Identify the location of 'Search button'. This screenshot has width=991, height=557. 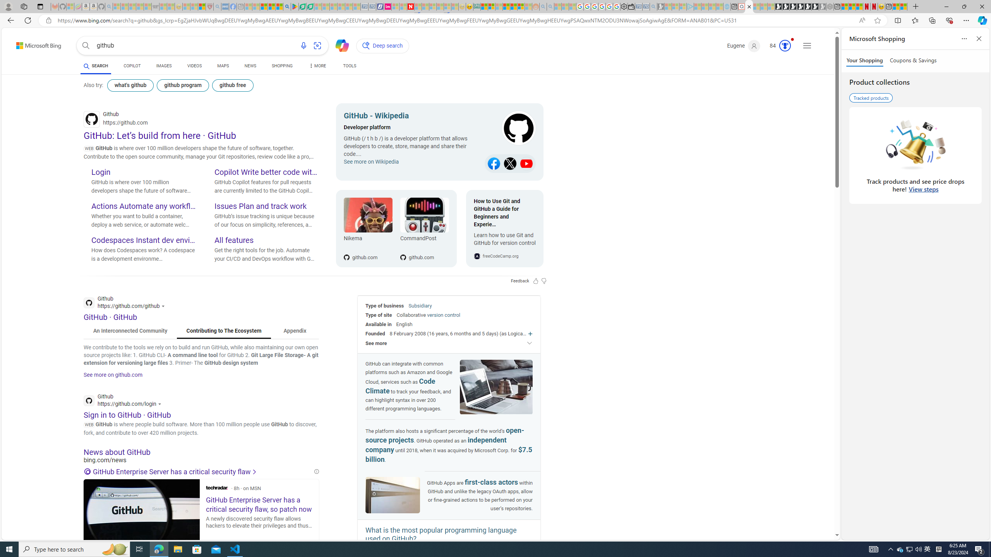
(86, 46).